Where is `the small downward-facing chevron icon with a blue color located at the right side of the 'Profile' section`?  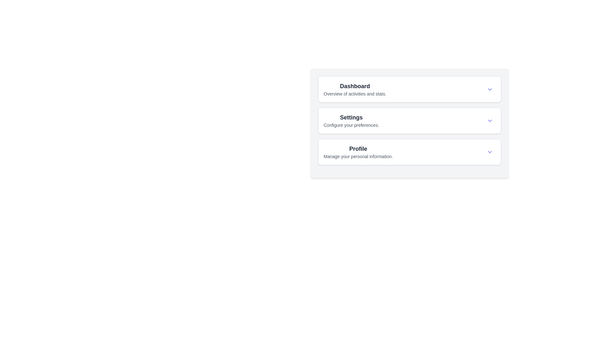 the small downward-facing chevron icon with a blue color located at the right side of the 'Profile' section is located at coordinates (489, 152).